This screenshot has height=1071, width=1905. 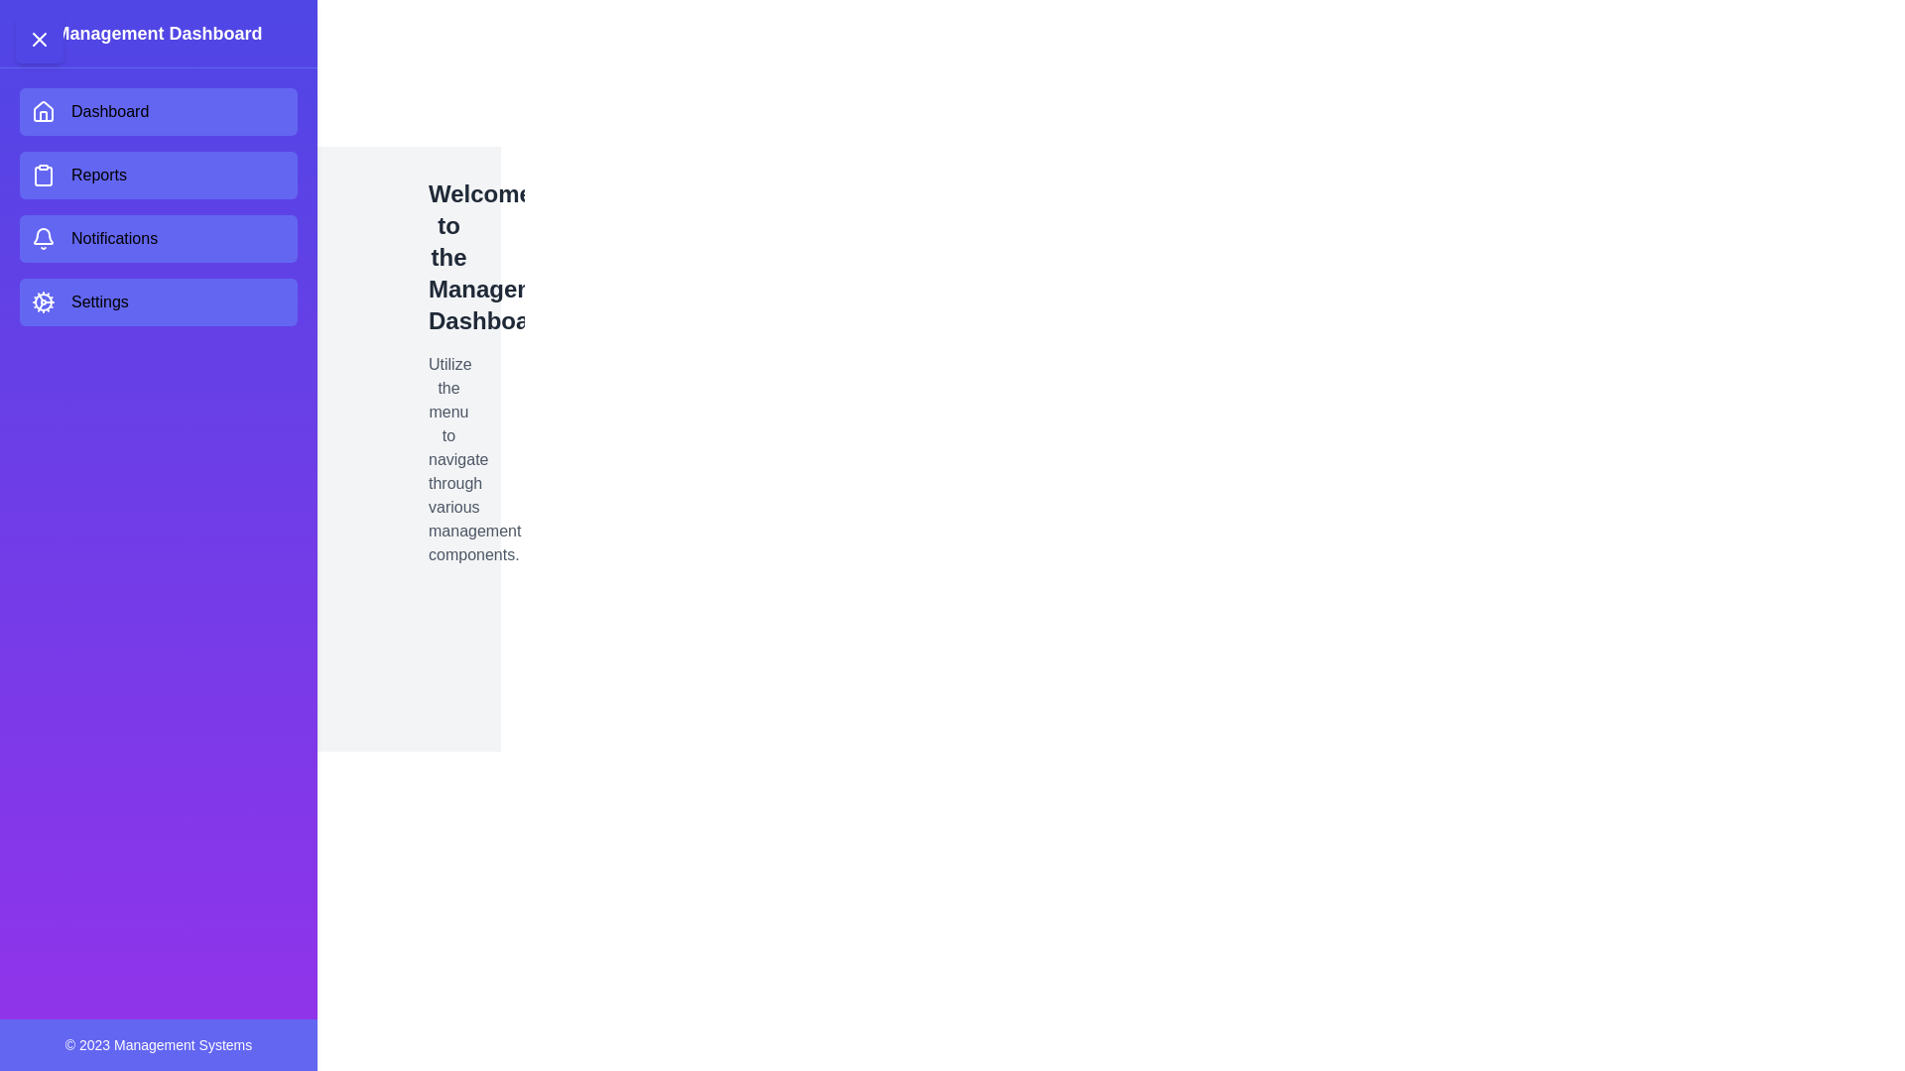 I want to click on the first button in the vertical menu on the left-hand side of the application interface, so click(x=157, y=111).